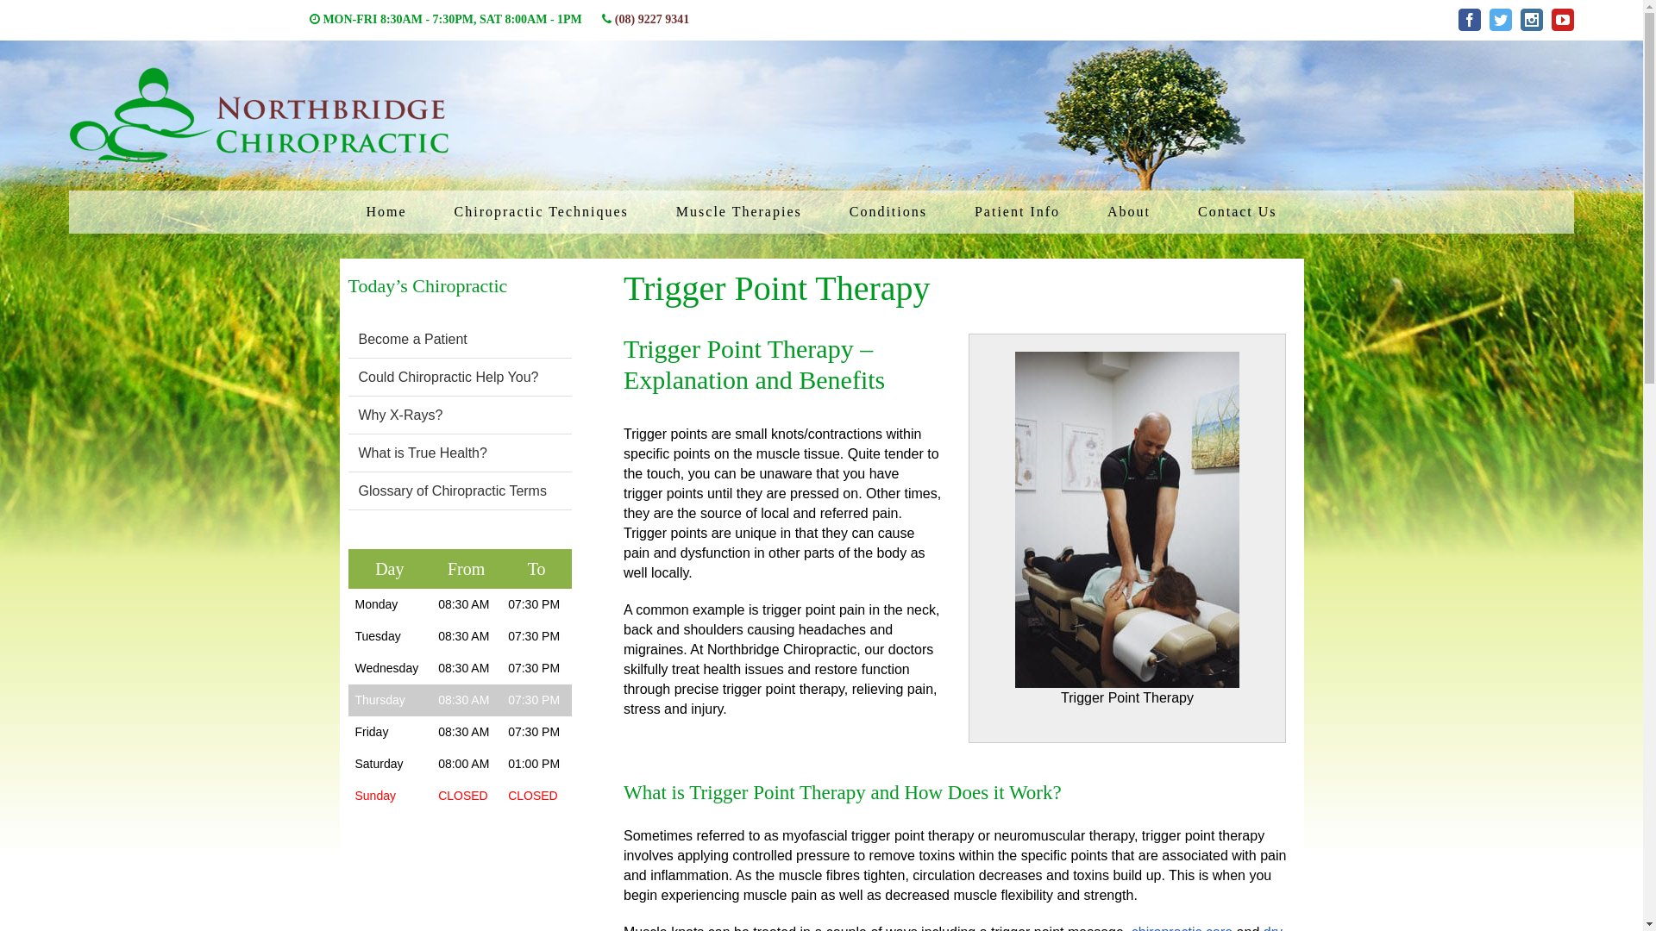 This screenshot has width=1656, height=931. I want to click on 'Muscle Therapies', so click(739, 211).